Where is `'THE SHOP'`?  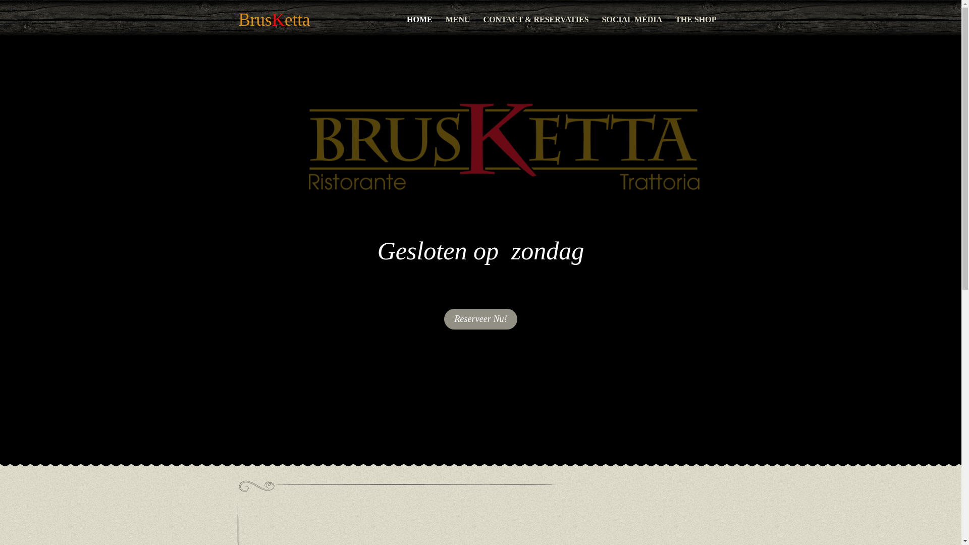
'THE SHOP' is located at coordinates (695, 20).